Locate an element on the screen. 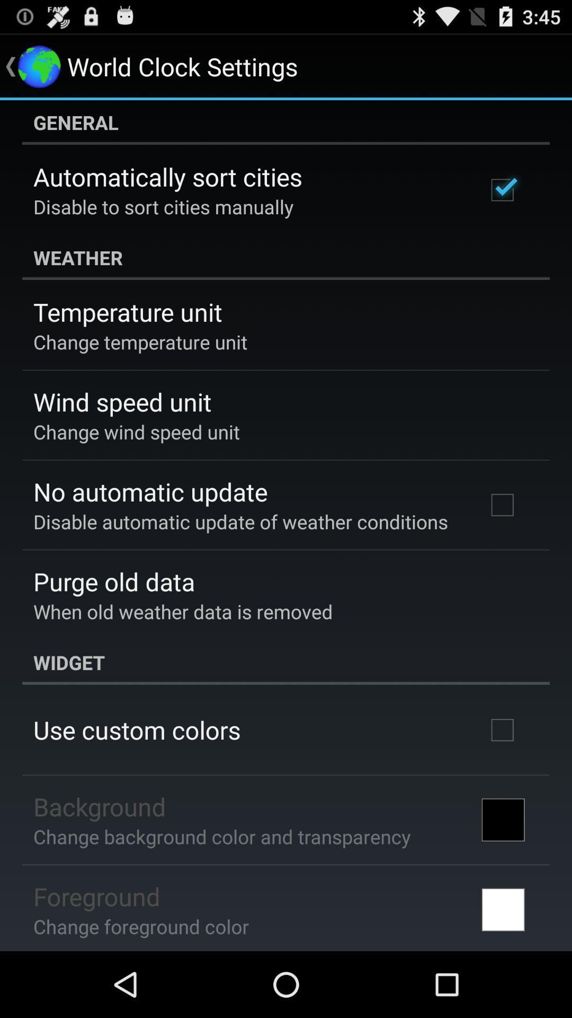  item above background is located at coordinates (136, 729).